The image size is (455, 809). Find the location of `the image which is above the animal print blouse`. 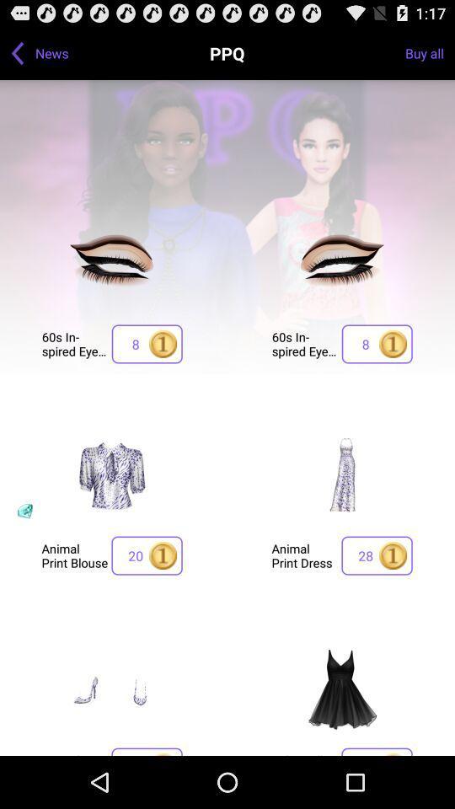

the image which is above the animal print blouse is located at coordinates (112, 477).